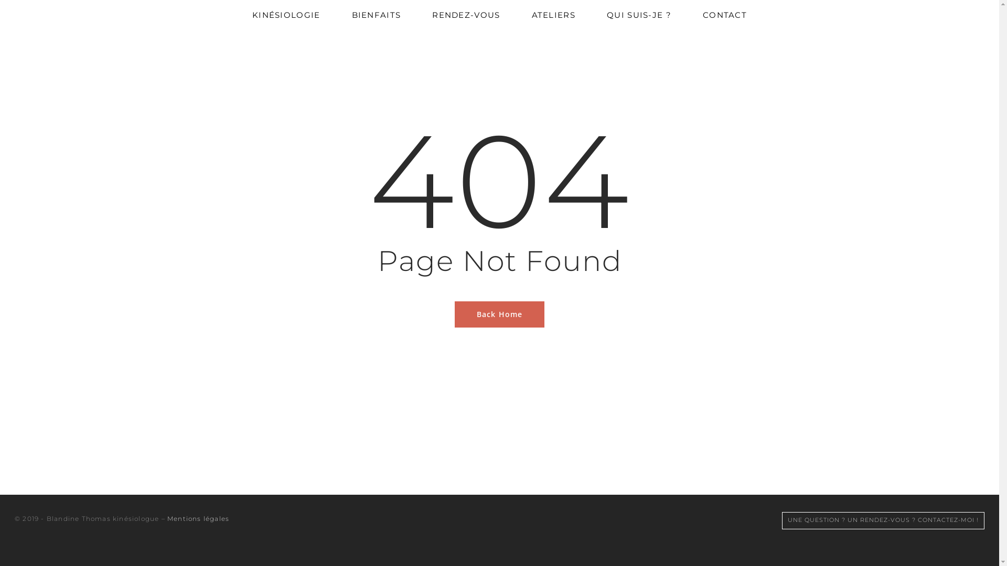  Describe the element at coordinates (883, 519) in the screenshot. I see `'UNE QUESTION ? UN RENDEZ-VOUS ? CONTACTEZ-MOI !'` at that location.